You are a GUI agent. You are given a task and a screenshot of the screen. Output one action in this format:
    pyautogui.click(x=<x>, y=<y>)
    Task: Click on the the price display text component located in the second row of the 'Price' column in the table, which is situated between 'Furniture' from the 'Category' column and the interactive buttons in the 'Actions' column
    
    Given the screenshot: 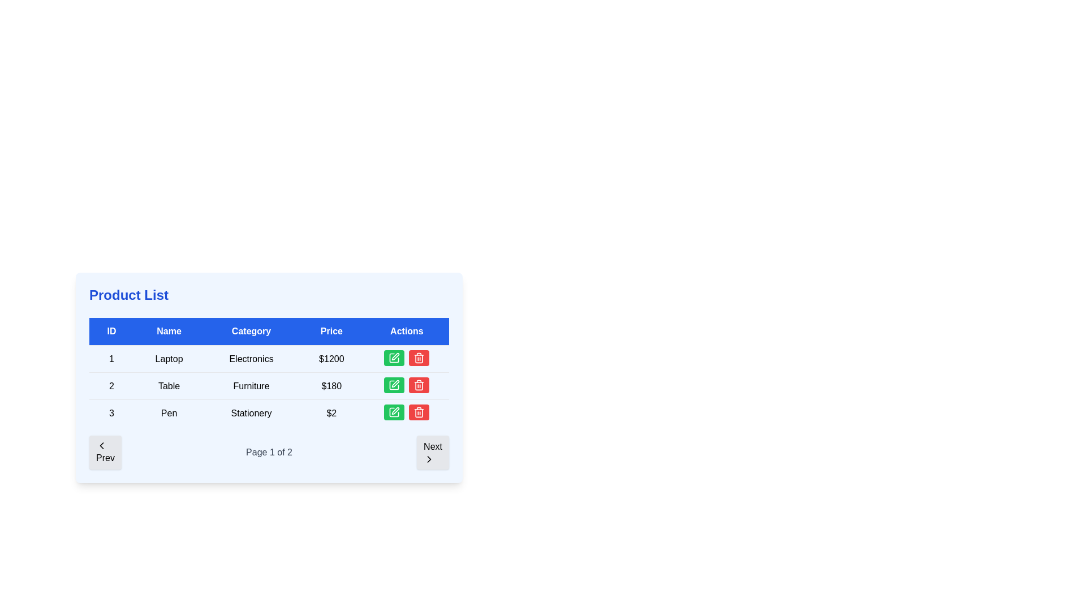 What is the action you would take?
    pyautogui.click(x=331, y=385)
    